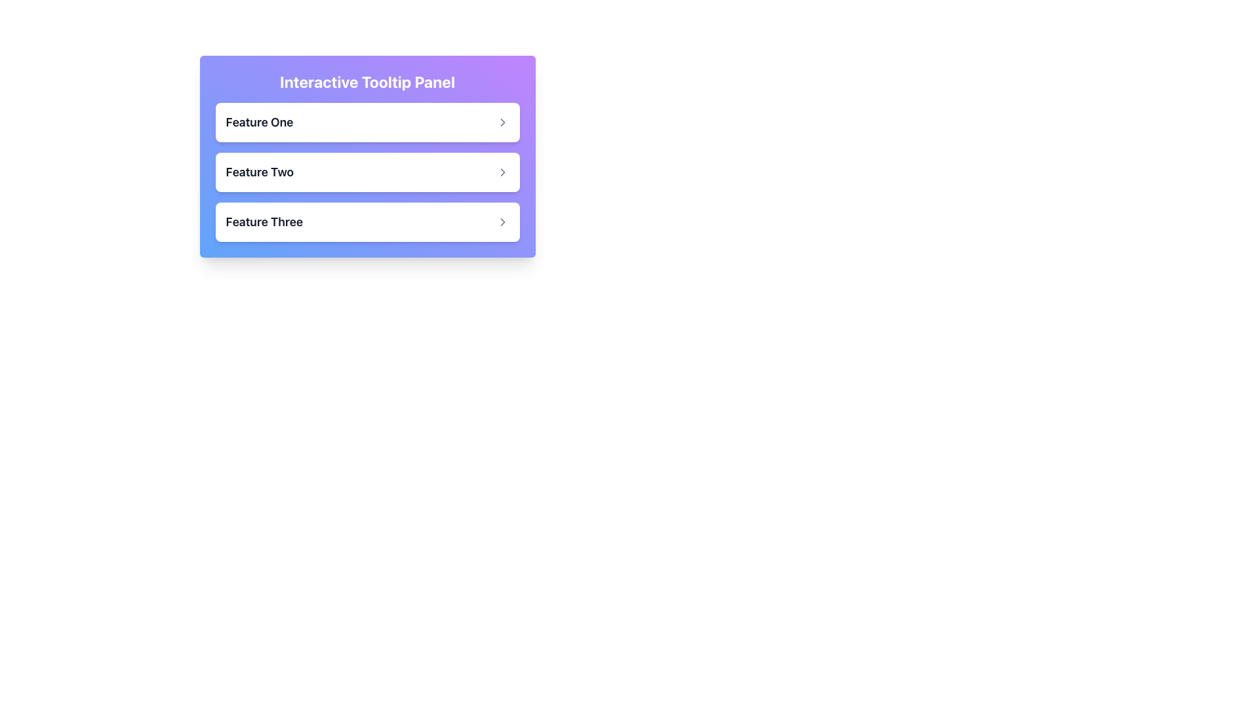 The width and height of the screenshot is (1259, 708). I want to click on the right-facing chevron icon that is styled gray and transitions to blue when hovered over, so click(502, 222).